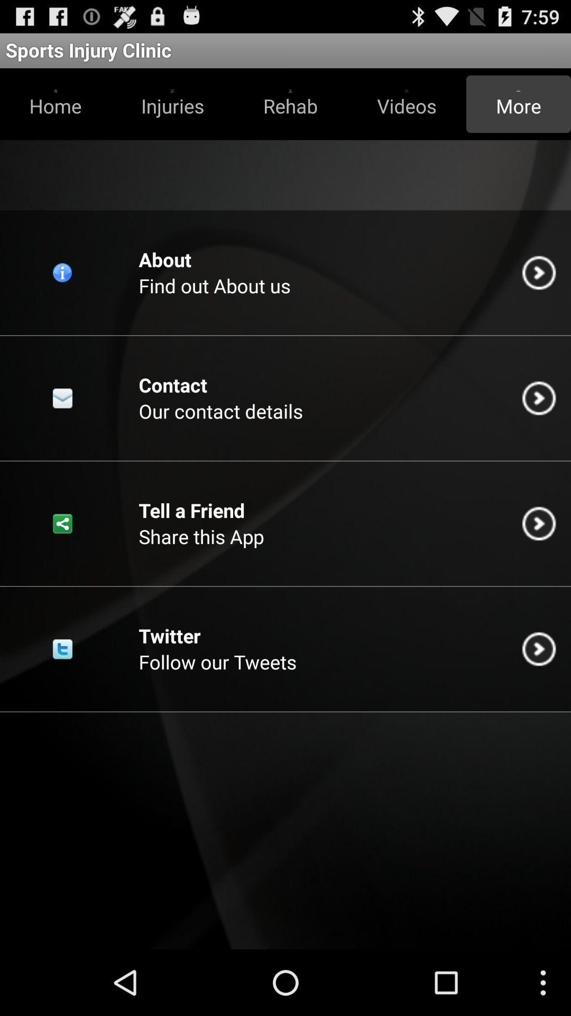  Describe the element at coordinates (169, 635) in the screenshot. I see `item below share this app` at that location.